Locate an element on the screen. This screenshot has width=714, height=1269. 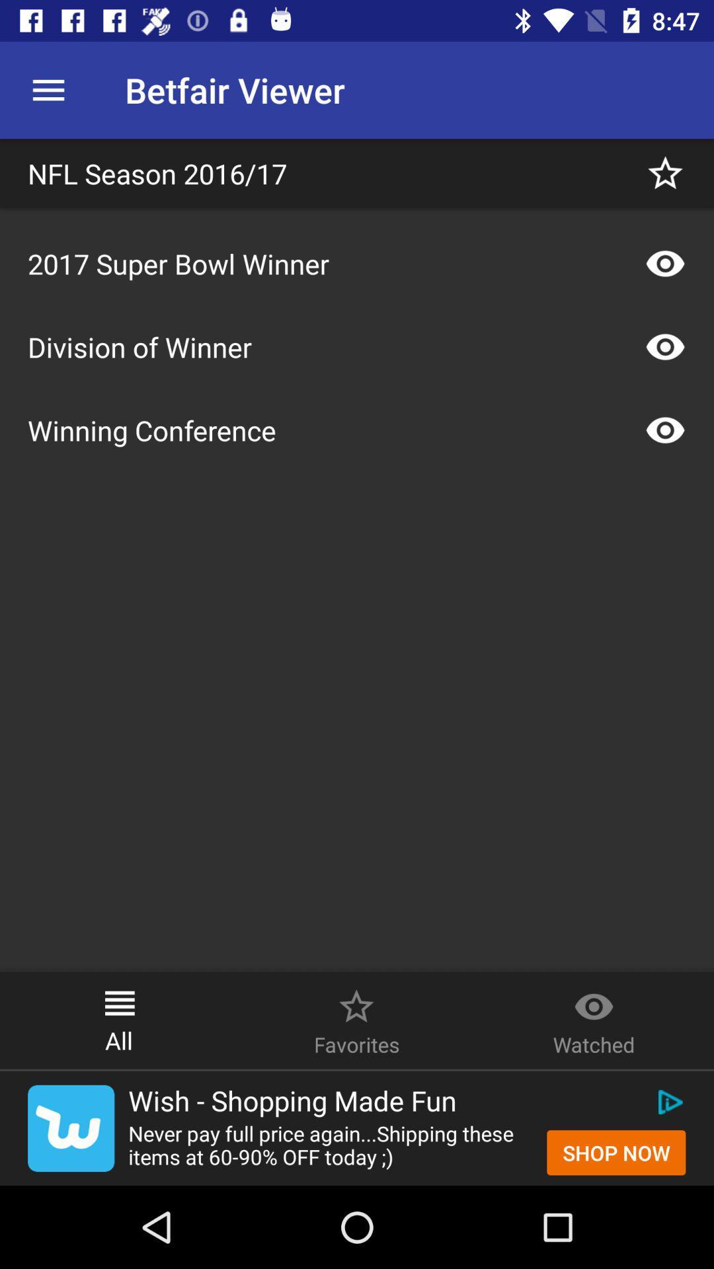
the twitter icon is located at coordinates (71, 1128).